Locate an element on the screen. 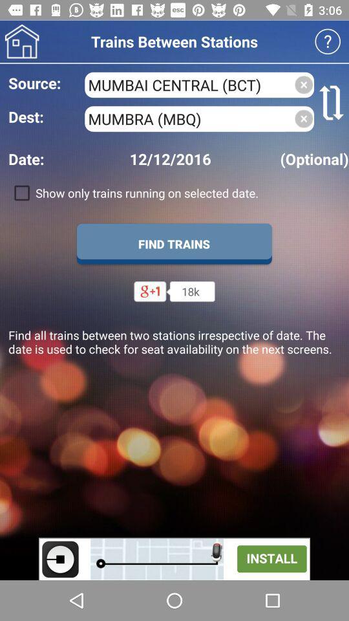  the repeat icon is located at coordinates (332, 102).